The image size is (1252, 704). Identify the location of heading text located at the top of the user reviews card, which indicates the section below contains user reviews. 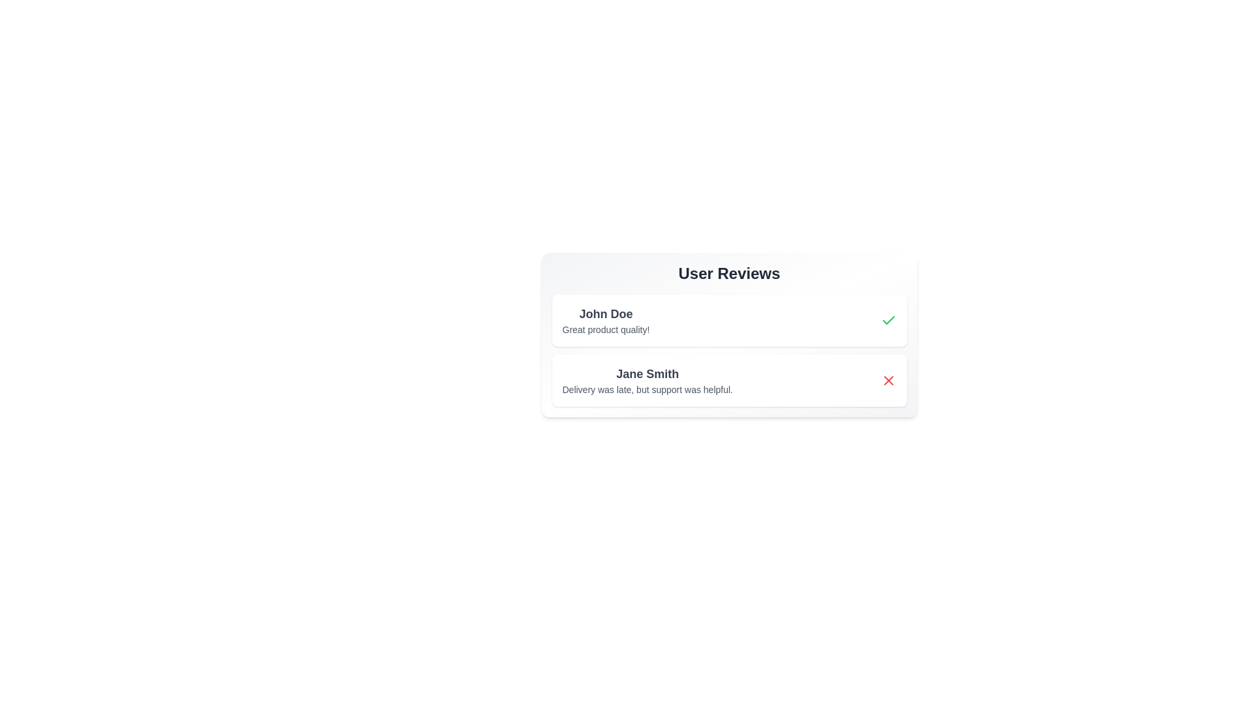
(728, 273).